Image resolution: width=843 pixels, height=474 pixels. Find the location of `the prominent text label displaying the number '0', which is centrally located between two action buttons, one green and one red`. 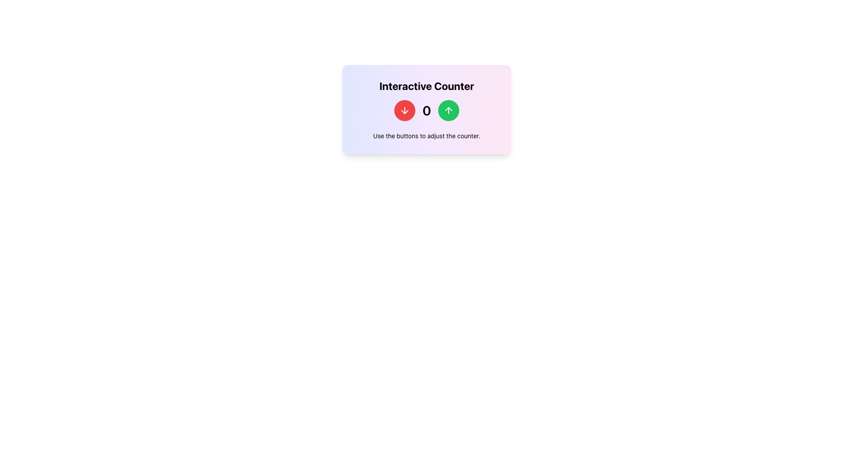

the prominent text label displaying the number '0', which is centrally located between two action buttons, one green and one red is located at coordinates (426, 110).